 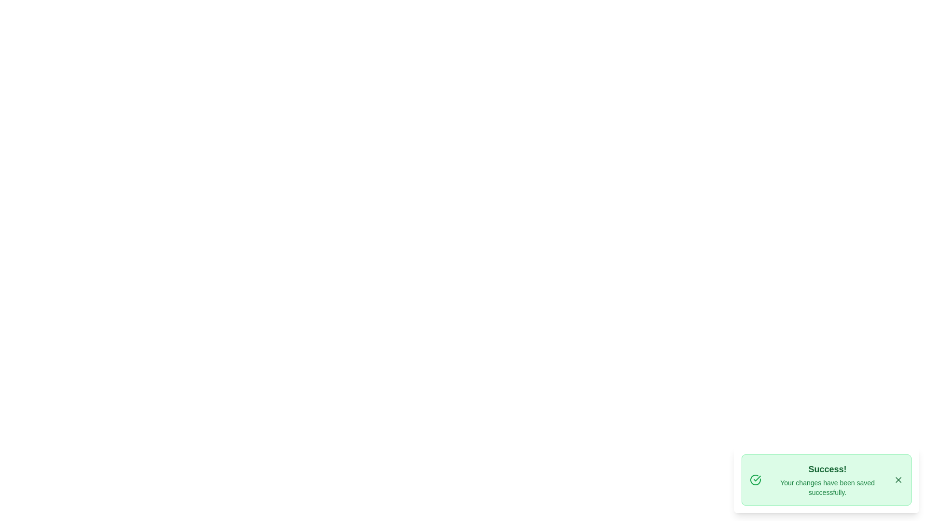 What do you see at coordinates (898, 480) in the screenshot?
I see `the close button of the snackbar to close it` at bounding box center [898, 480].